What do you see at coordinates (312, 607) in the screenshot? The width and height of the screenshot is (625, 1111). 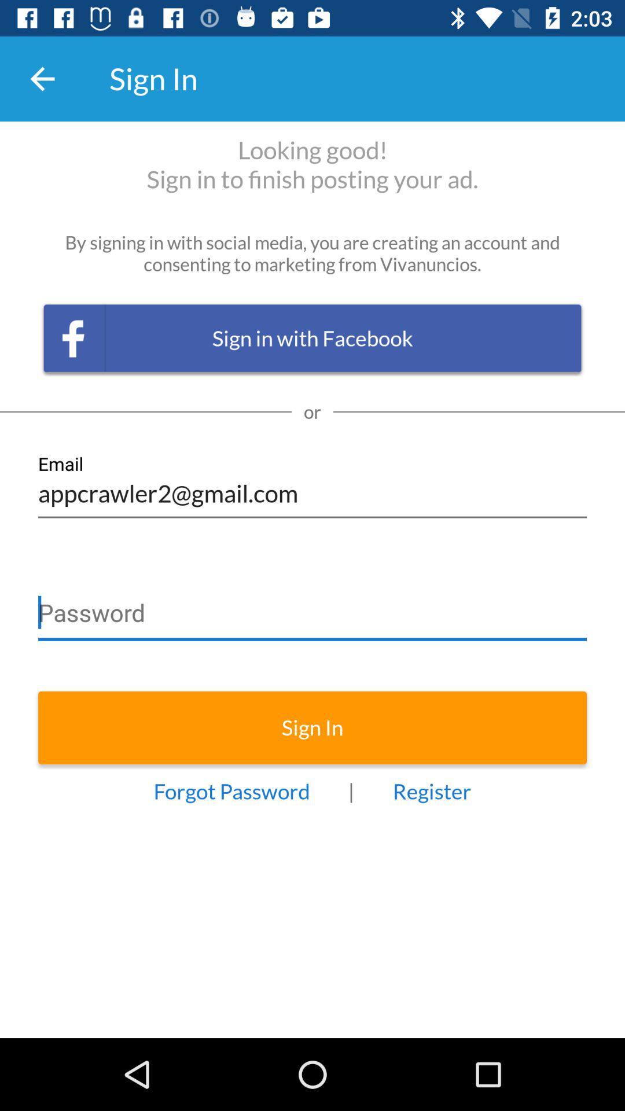 I see `password row` at bounding box center [312, 607].